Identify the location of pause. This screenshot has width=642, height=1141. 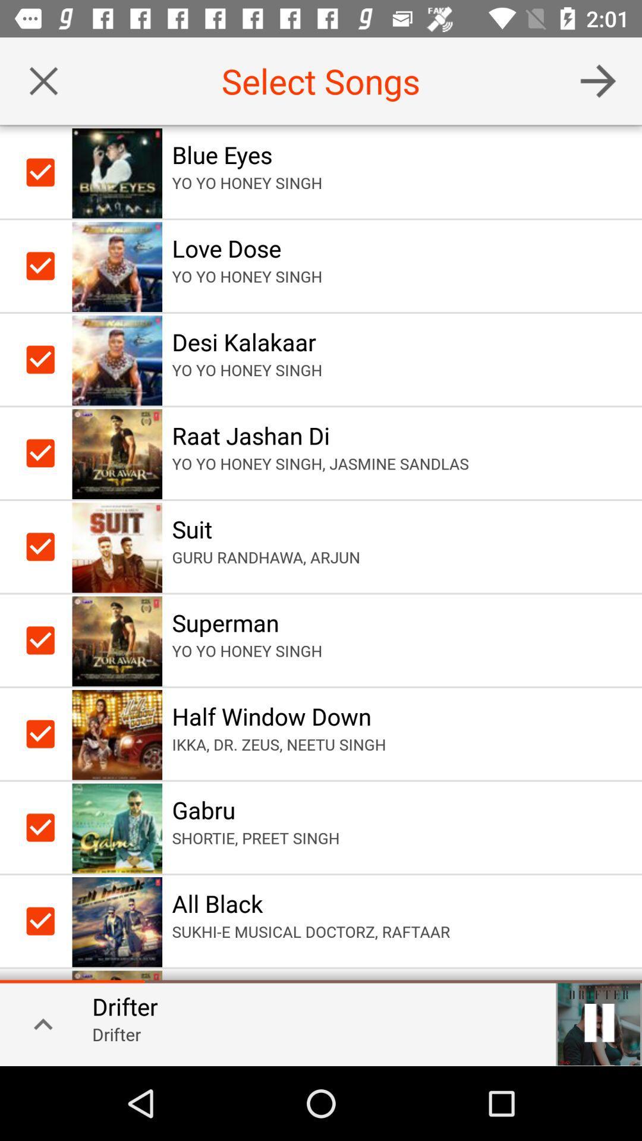
(599, 1022).